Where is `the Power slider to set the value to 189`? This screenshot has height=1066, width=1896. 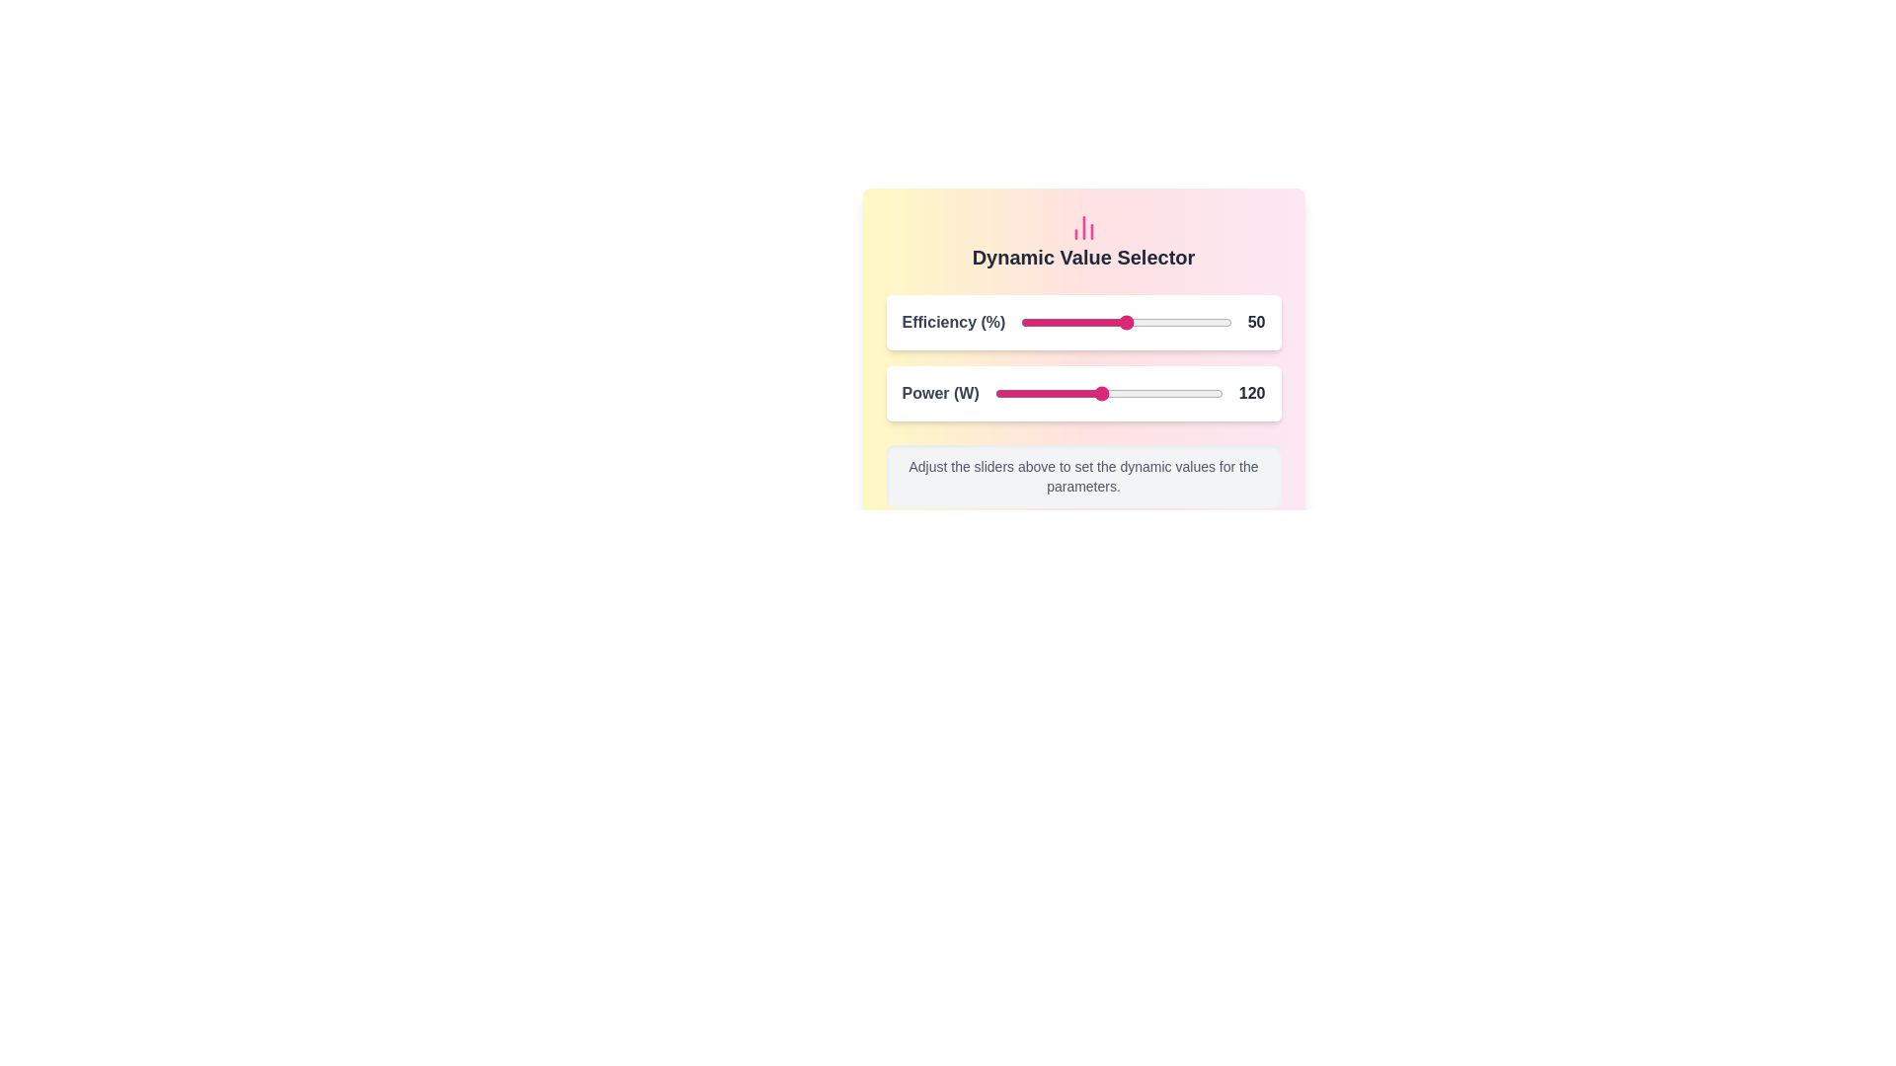
the Power slider to set the value to 189 is located at coordinates (1205, 393).